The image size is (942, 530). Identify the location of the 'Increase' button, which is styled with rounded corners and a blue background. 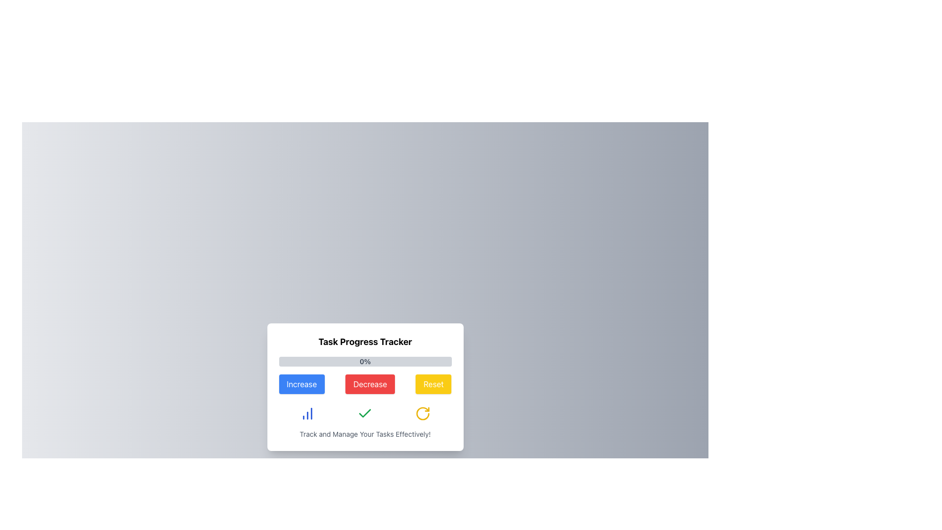
(301, 384).